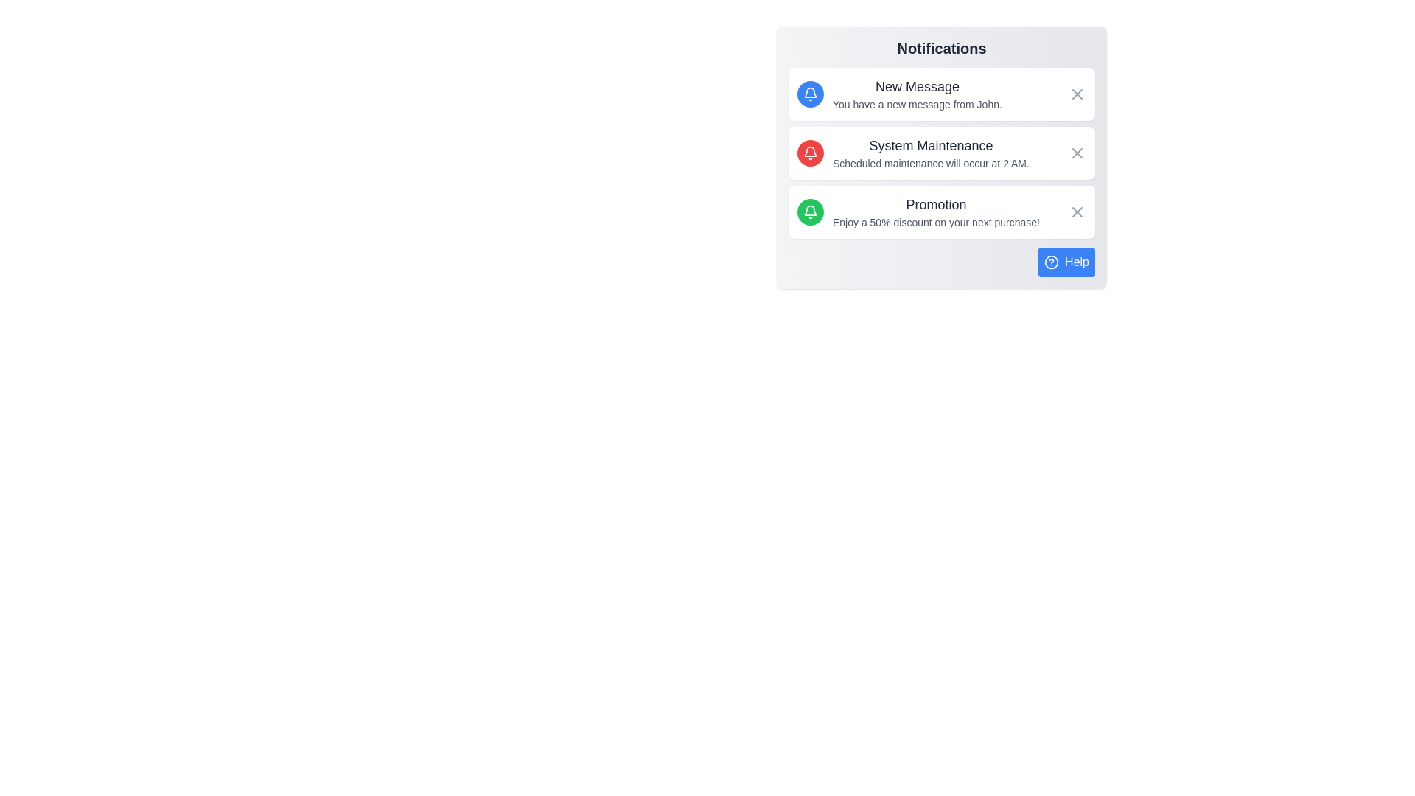 The width and height of the screenshot is (1415, 796). I want to click on the 'System Maintenance' label, which is the header text of the second notification card in a vertical list of notifications, styled in medium weight and gray color, so click(930, 145).